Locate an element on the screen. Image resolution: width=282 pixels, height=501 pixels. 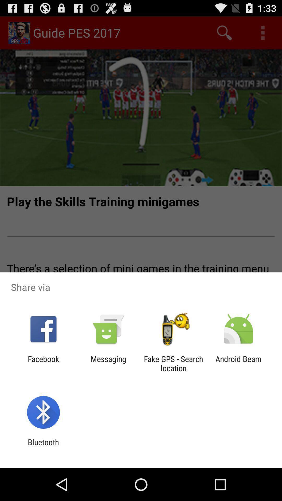
the icon next to fake gps search icon is located at coordinates (108, 363).